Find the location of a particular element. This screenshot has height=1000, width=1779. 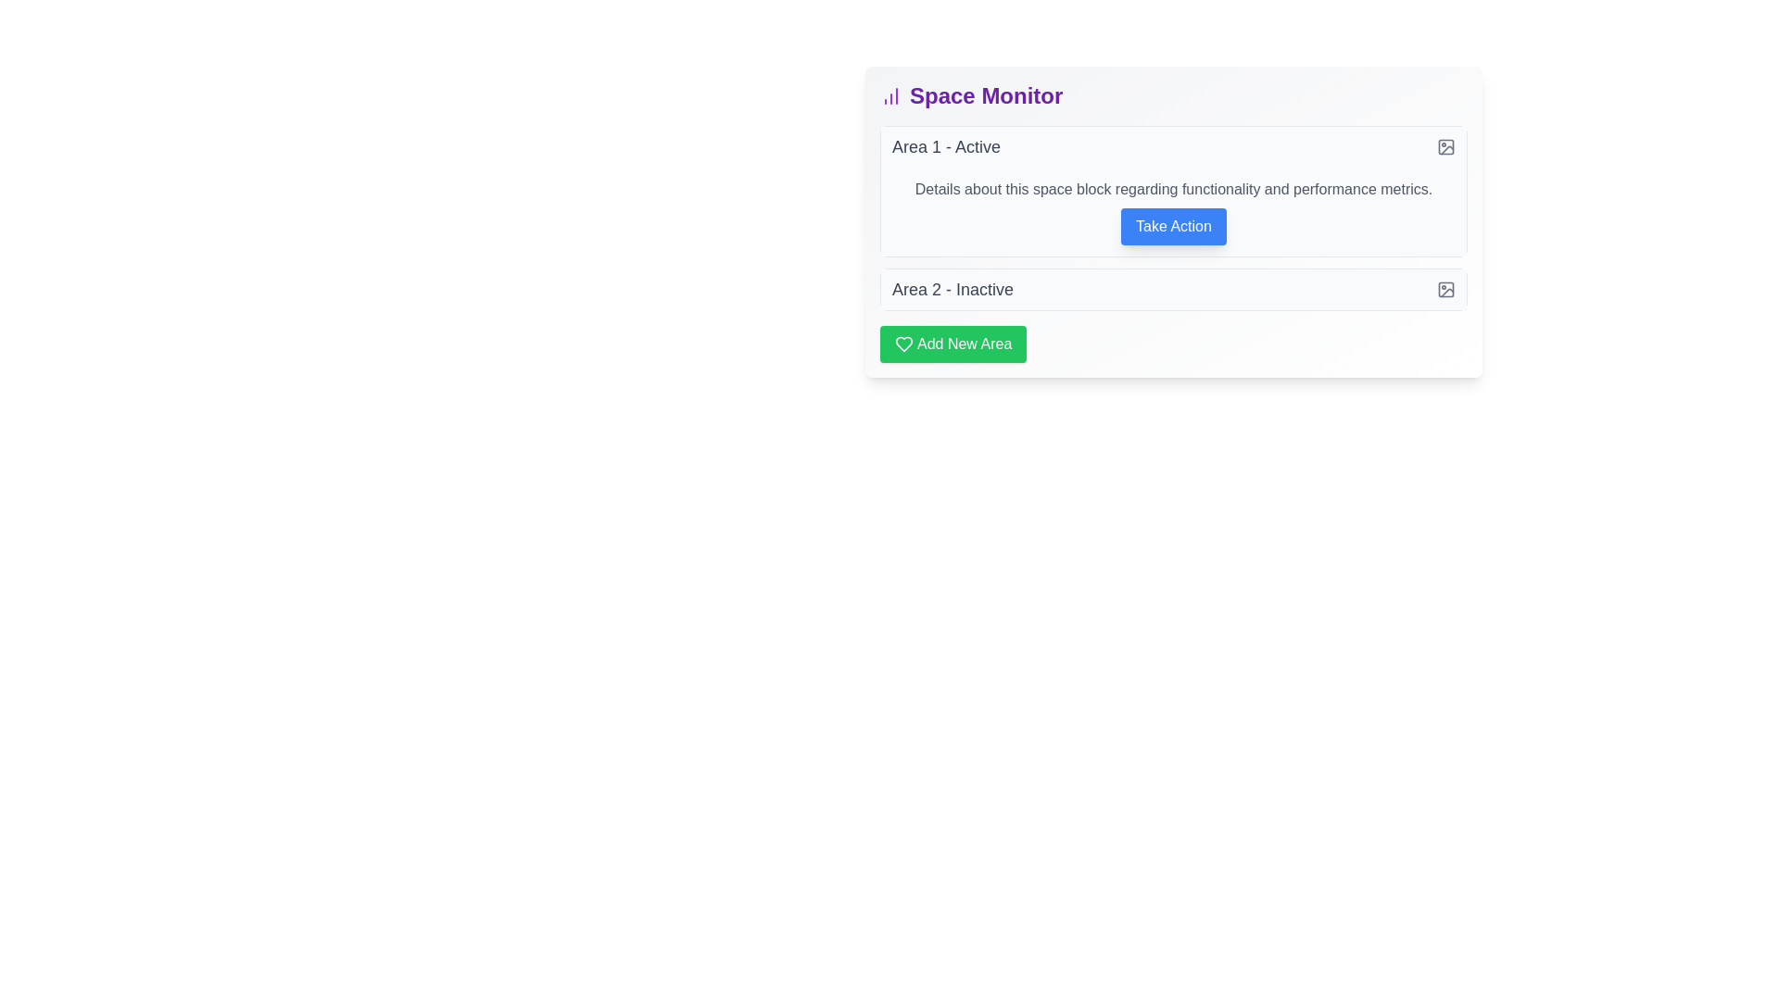

the heart-shaped icon that is centered within the green button labeled 'Add New Area' at the bottom of the 'Space Monitor' panel is located at coordinates (903, 344).